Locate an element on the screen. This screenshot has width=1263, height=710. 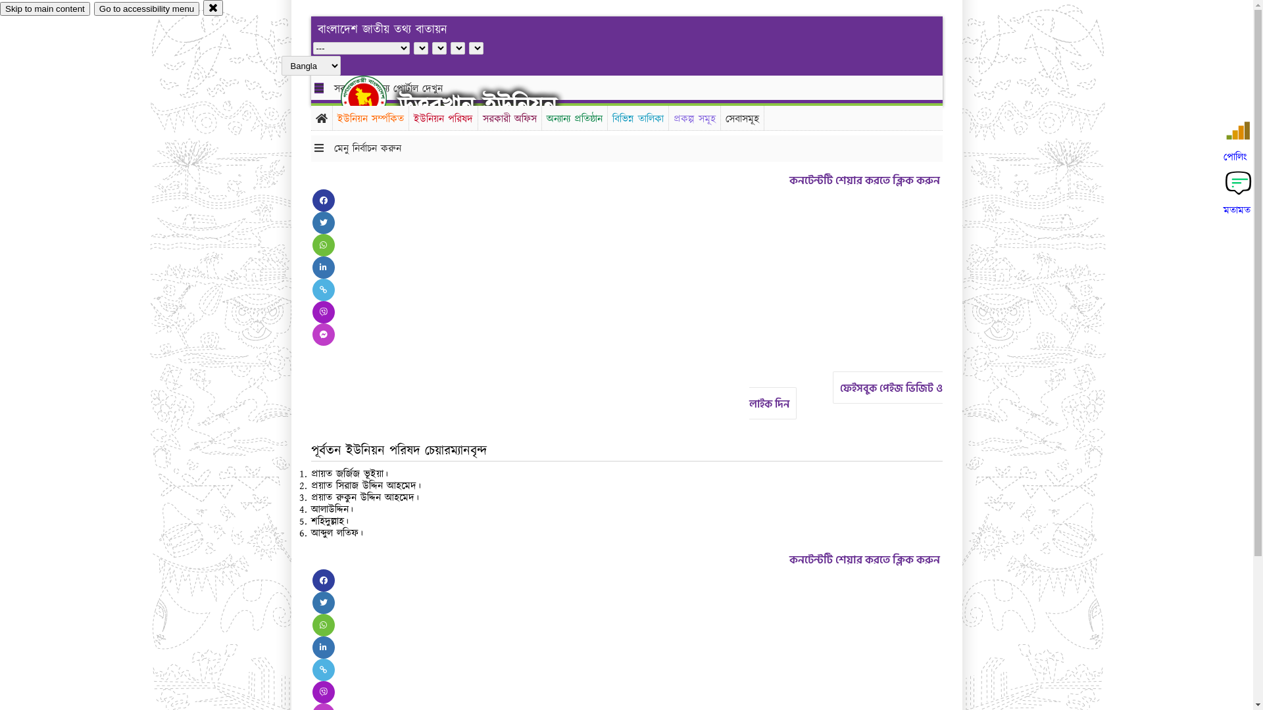
'Skip to main content' is located at coordinates (45, 9).